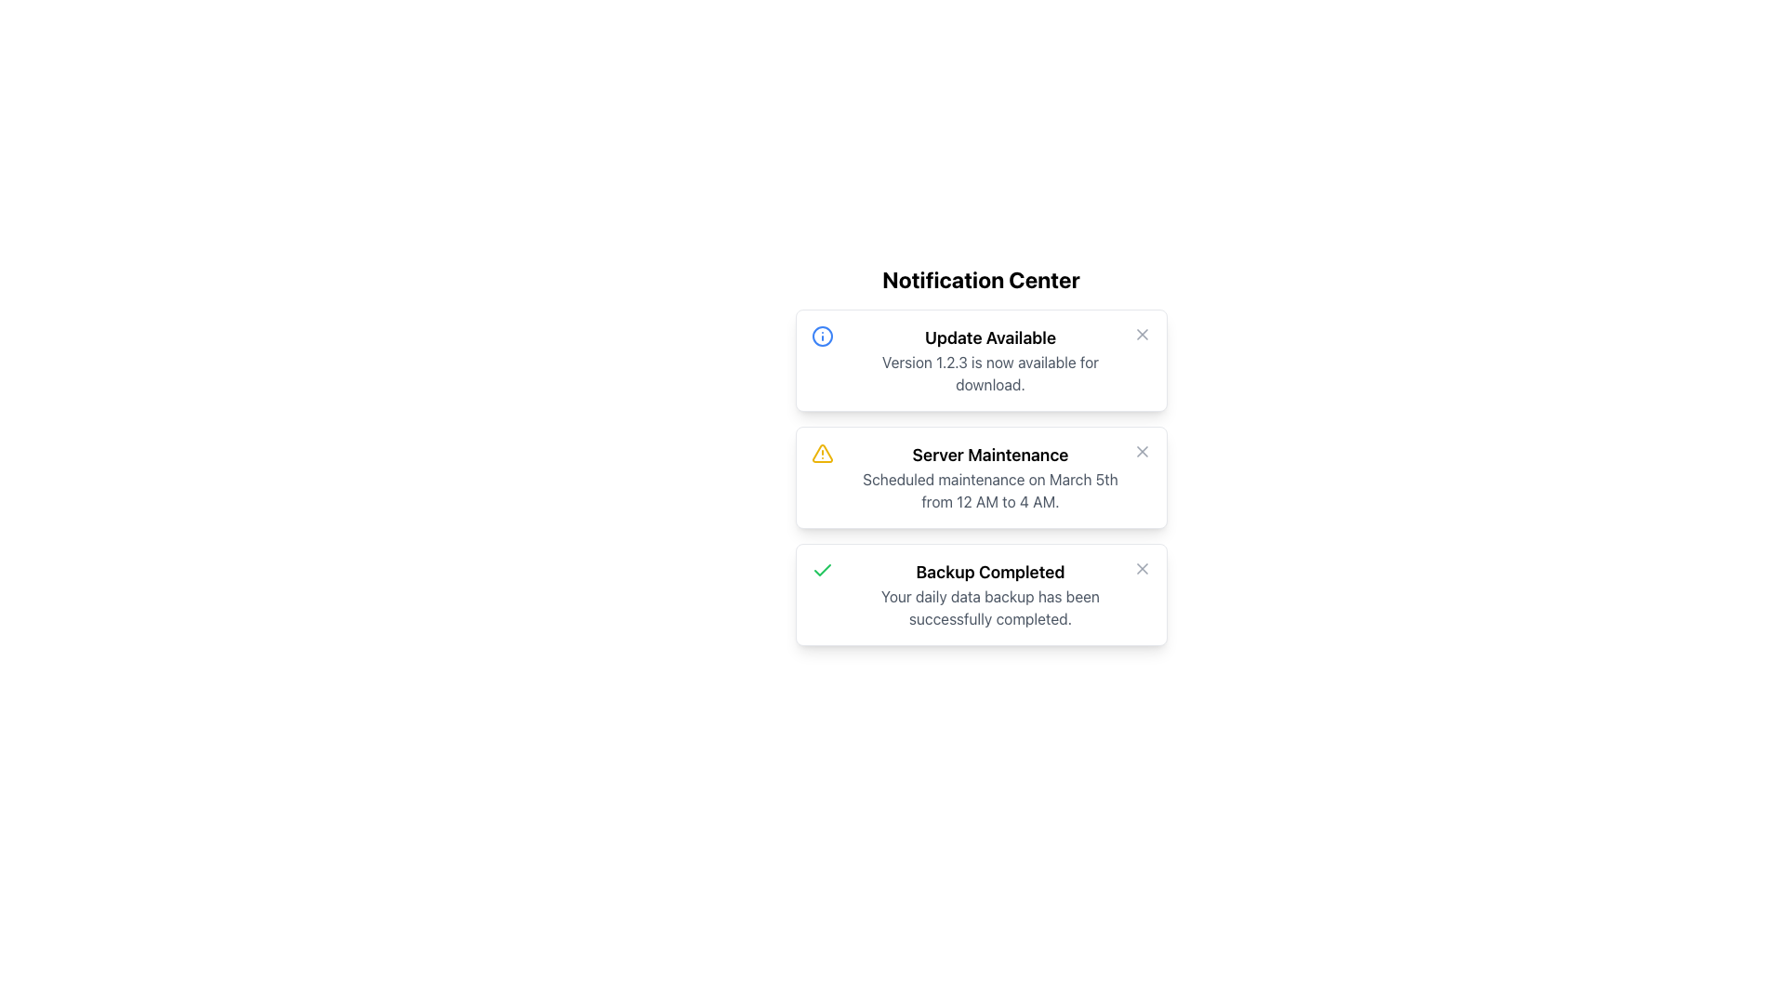 The width and height of the screenshot is (1785, 1004). What do you see at coordinates (989, 572) in the screenshot?
I see `the text label indicating that the data backup operation has been completed successfully, located at the top of the notification card in the third row of vertically stacked cards` at bounding box center [989, 572].